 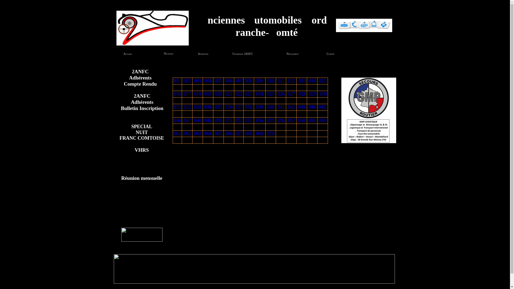 What do you see at coordinates (218, 94) in the screenshot?
I see `'020'` at bounding box center [218, 94].